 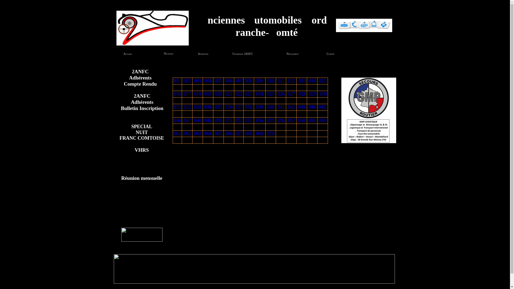 What do you see at coordinates (218, 94) in the screenshot?
I see `'020'` at bounding box center [218, 94].